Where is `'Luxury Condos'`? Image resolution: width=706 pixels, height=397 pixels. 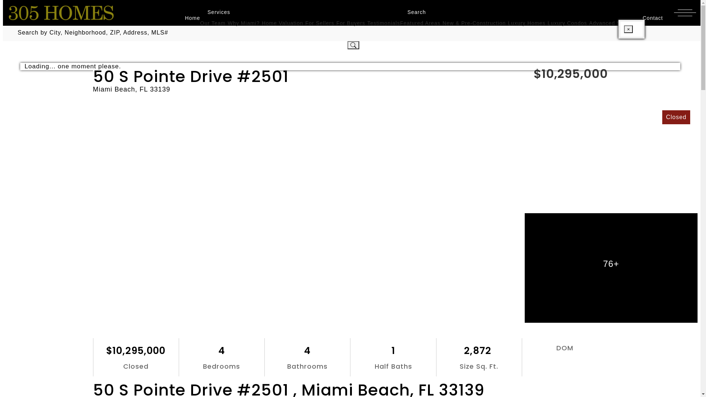
'Luxury Condos' is located at coordinates (567, 22).